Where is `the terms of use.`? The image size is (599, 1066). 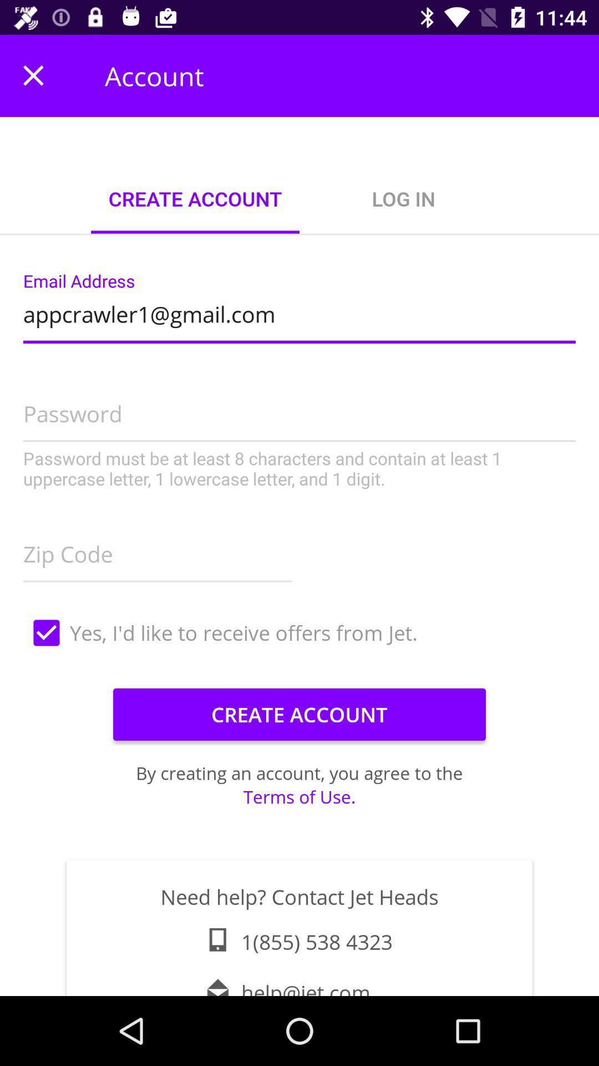 the terms of use. is located at coordinates (299, 796).